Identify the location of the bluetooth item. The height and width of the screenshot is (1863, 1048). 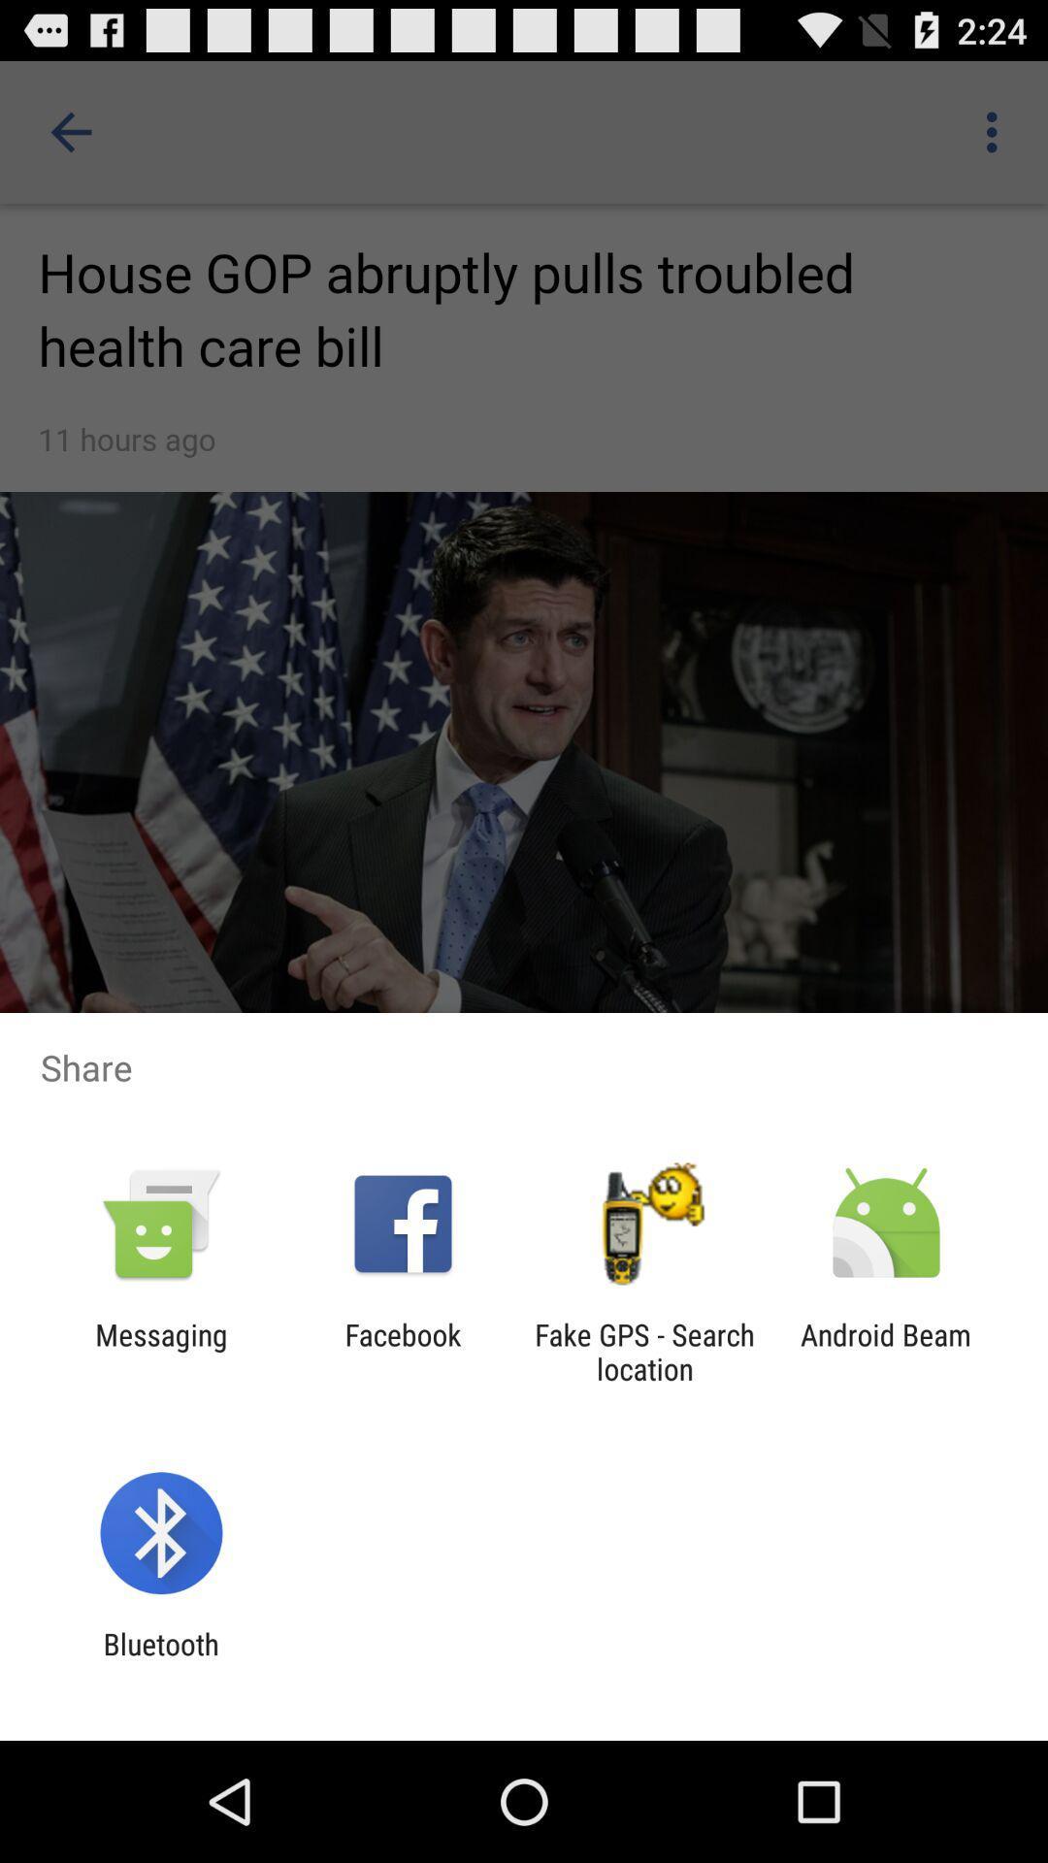
(160, 1660).